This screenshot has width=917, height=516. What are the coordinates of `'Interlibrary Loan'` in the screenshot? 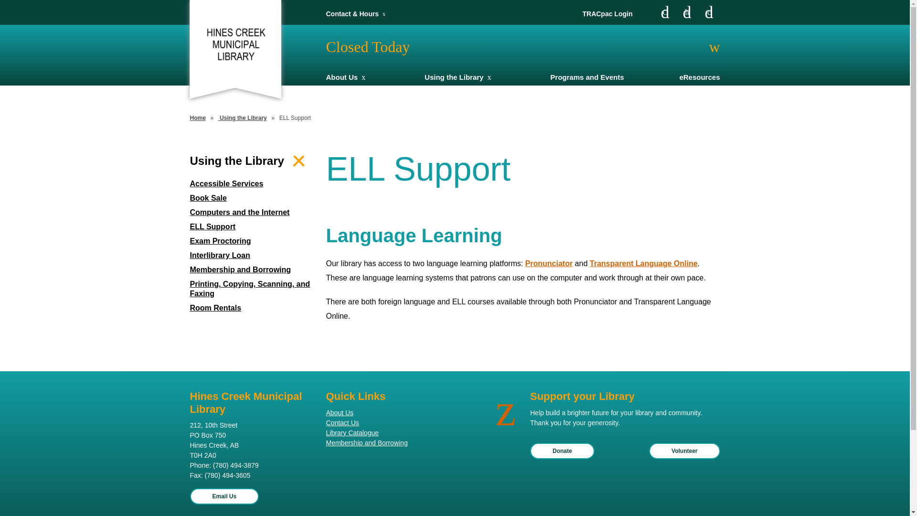 It's located at (251, 255).